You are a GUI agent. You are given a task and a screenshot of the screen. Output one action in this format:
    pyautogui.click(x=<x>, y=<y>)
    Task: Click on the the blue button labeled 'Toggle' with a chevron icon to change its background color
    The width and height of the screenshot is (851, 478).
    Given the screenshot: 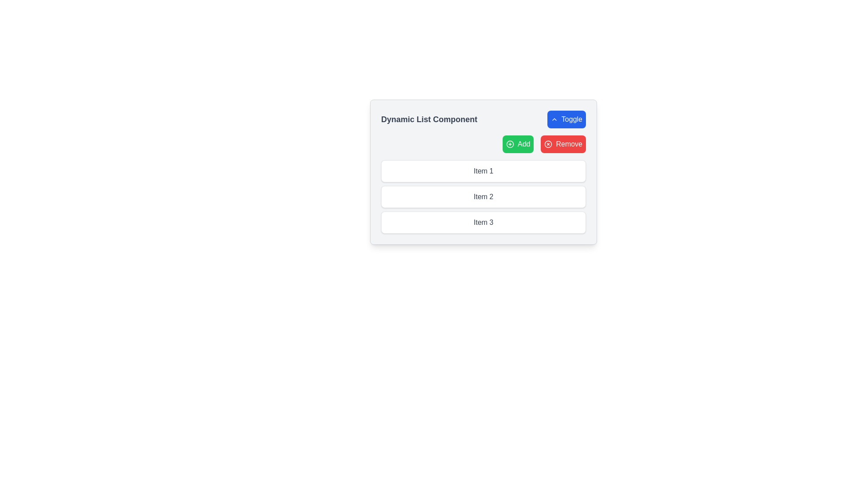 What is the action you would take?
    pyautogui.click(x=566, y=119)
    